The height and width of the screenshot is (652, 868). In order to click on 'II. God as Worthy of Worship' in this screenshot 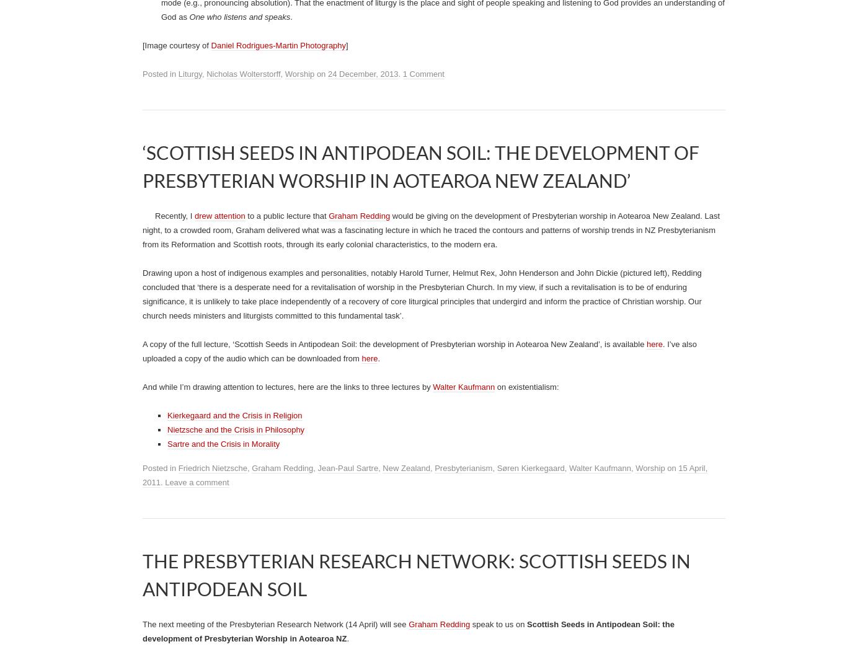, I will do `click(197, 221)`.